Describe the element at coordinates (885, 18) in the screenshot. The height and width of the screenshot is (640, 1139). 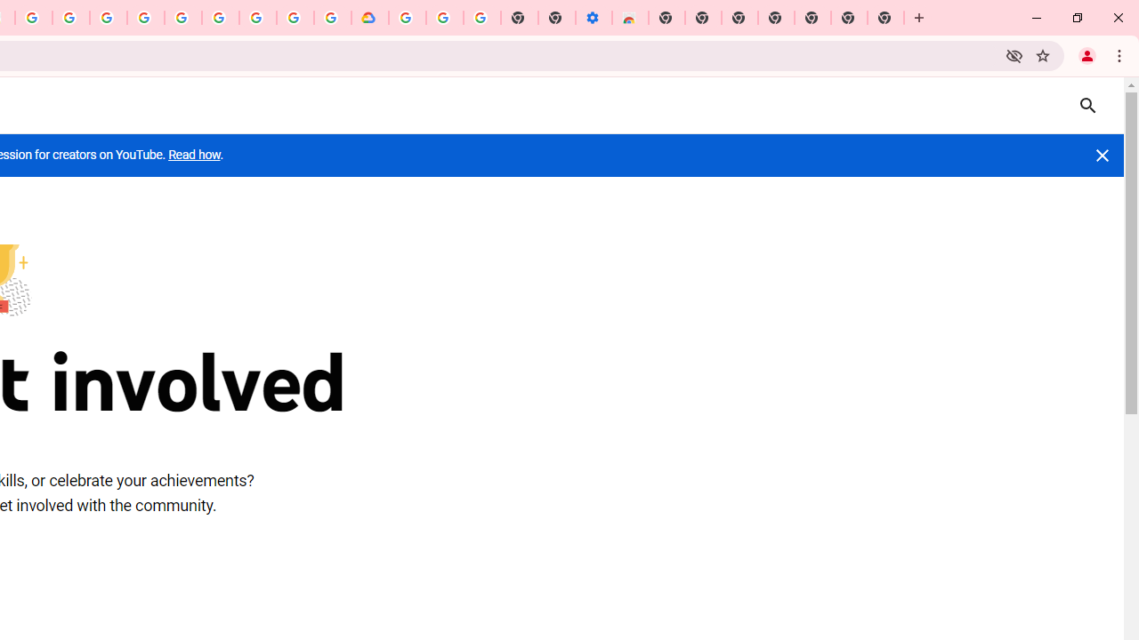
I see `'New Tab'` at that location.